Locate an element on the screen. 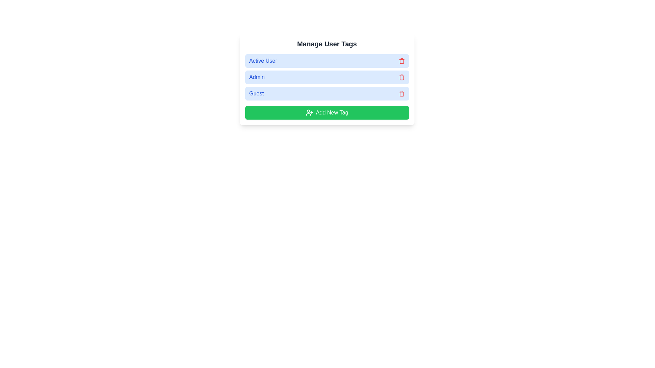 The image size is (655, 368). the icon representing the action to add a new user or tag, located to the left of the 'Add New Tag' text within the green rectangular button at the bottom of the 'Manage User Tags' panel is located at coordinates (309, 112).